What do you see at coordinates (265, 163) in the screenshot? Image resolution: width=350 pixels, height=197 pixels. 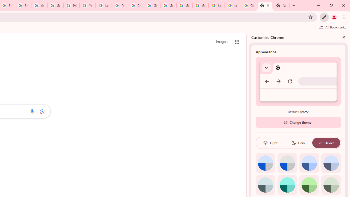 I see `'Default color'` at bounding box center [265, 163].